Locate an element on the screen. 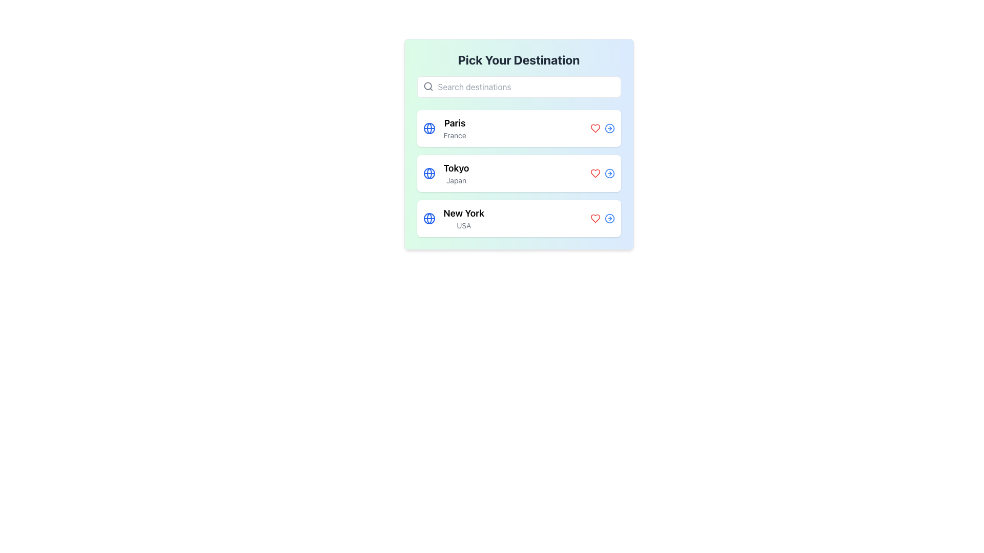 This screenshot has height=553, width=984. the Text Label that displays the country of the selected city 'Paris', which is located directly below the city name in a vertically arranged list of destinations is located at coordinates (454, 135).